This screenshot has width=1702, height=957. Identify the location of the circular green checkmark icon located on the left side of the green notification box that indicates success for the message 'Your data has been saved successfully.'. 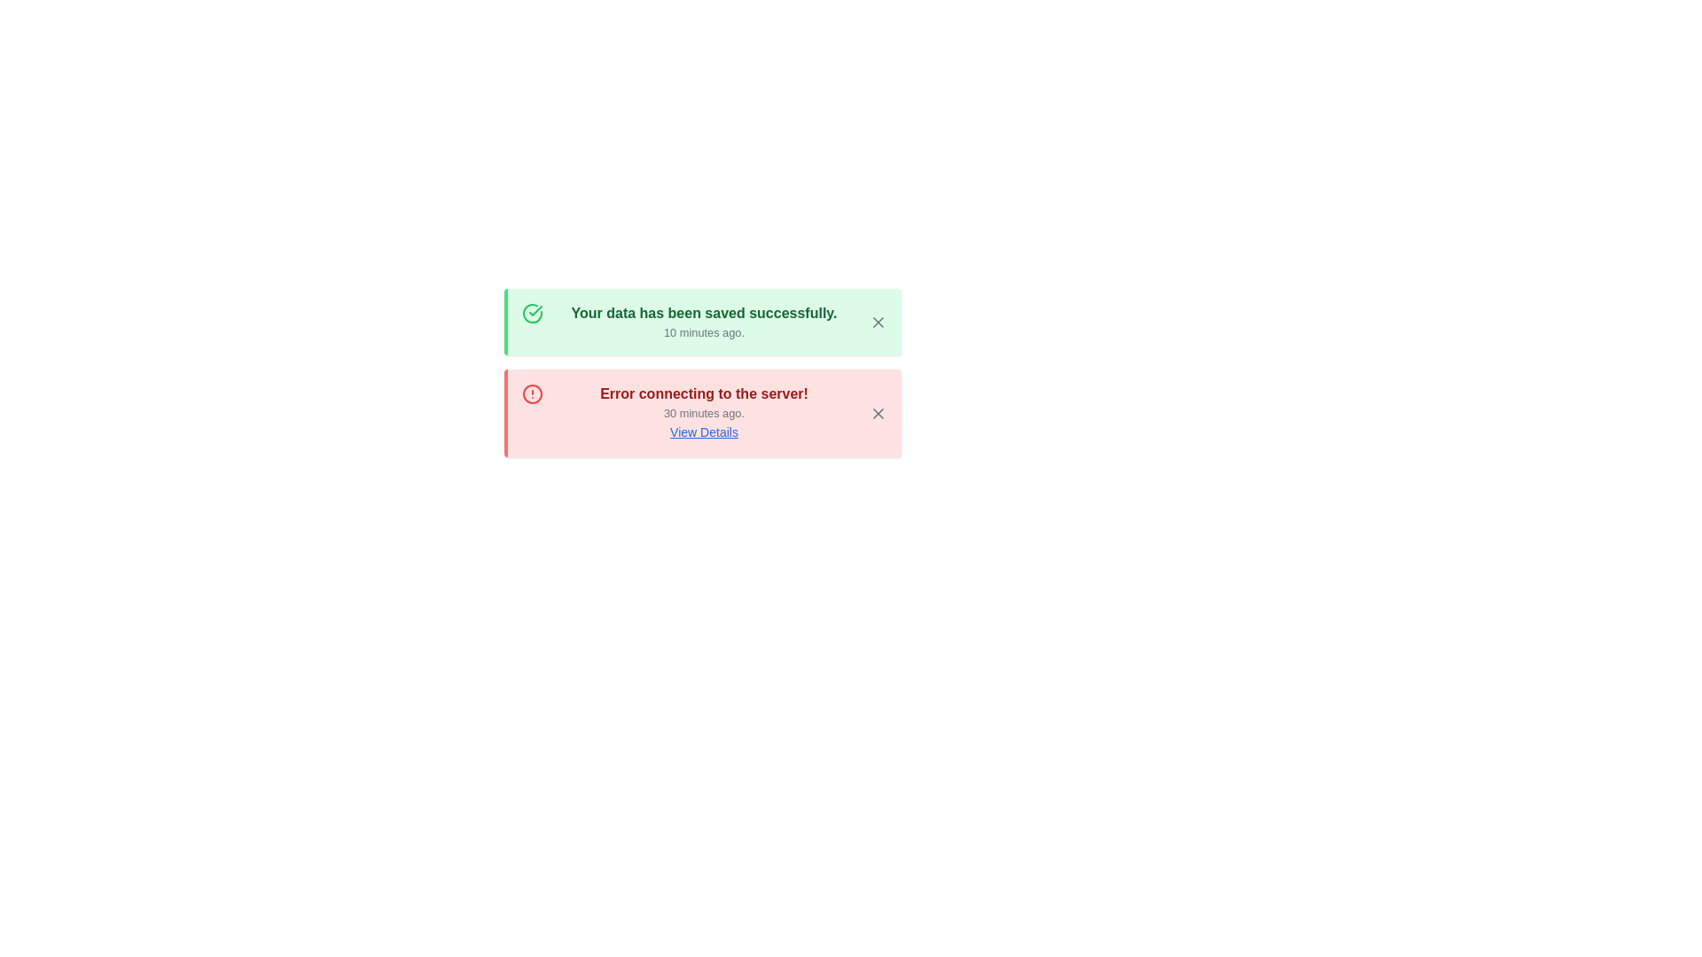
(531, 322).